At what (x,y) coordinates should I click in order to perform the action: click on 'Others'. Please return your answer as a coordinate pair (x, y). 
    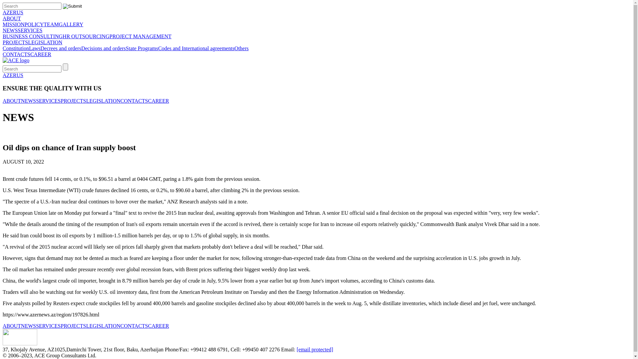
    Looking at the image, I should click on (234, 48).